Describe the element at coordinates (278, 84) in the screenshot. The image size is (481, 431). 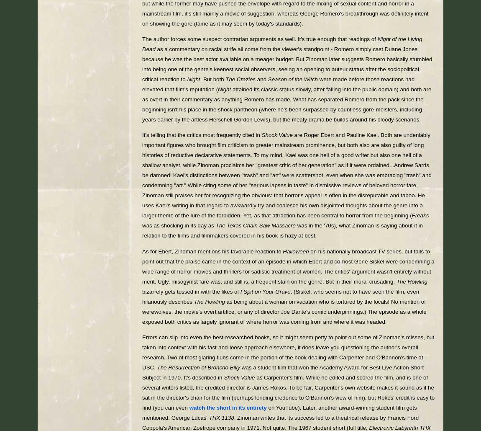
I see `'were made
before those reactions had elevated that film's reputation ('` at that location.